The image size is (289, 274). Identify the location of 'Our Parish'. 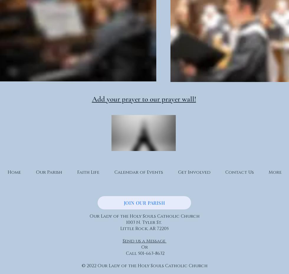
(49, 172).